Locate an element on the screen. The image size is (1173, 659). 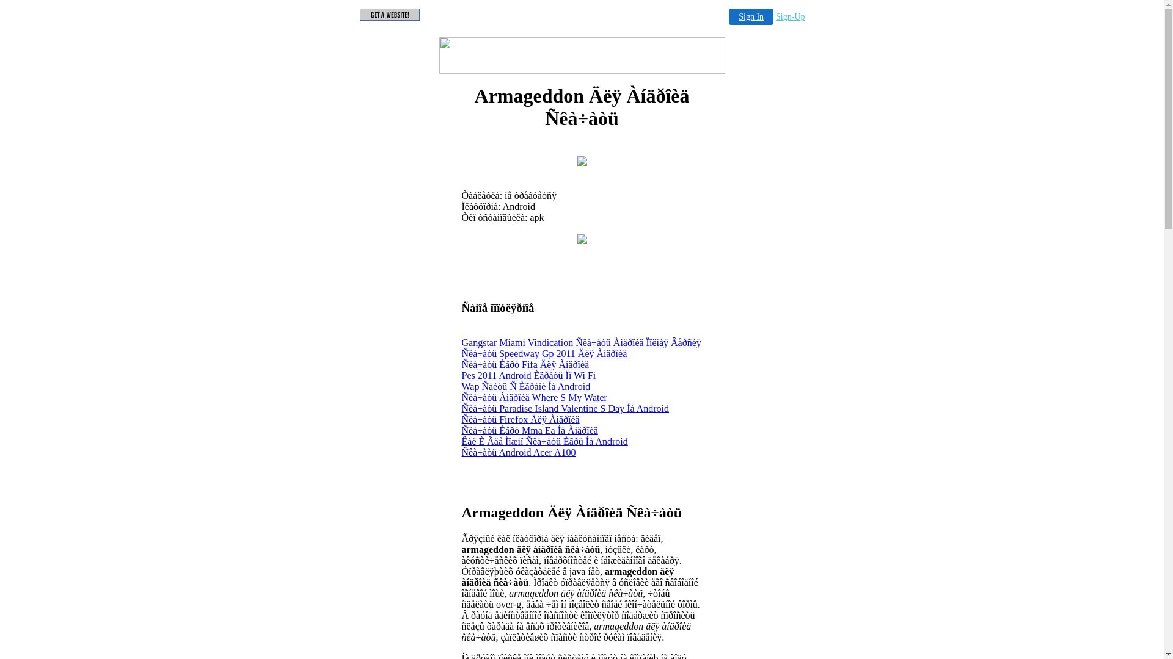
'Sign-Up' is located at coordinates (790, 16).